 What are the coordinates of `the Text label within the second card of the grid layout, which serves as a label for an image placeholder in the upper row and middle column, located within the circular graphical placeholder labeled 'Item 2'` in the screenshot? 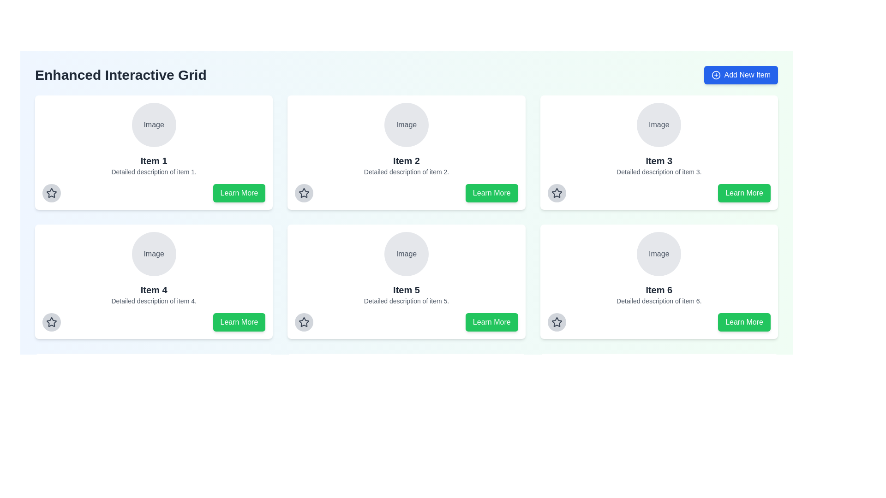 It's located at (406, 125).